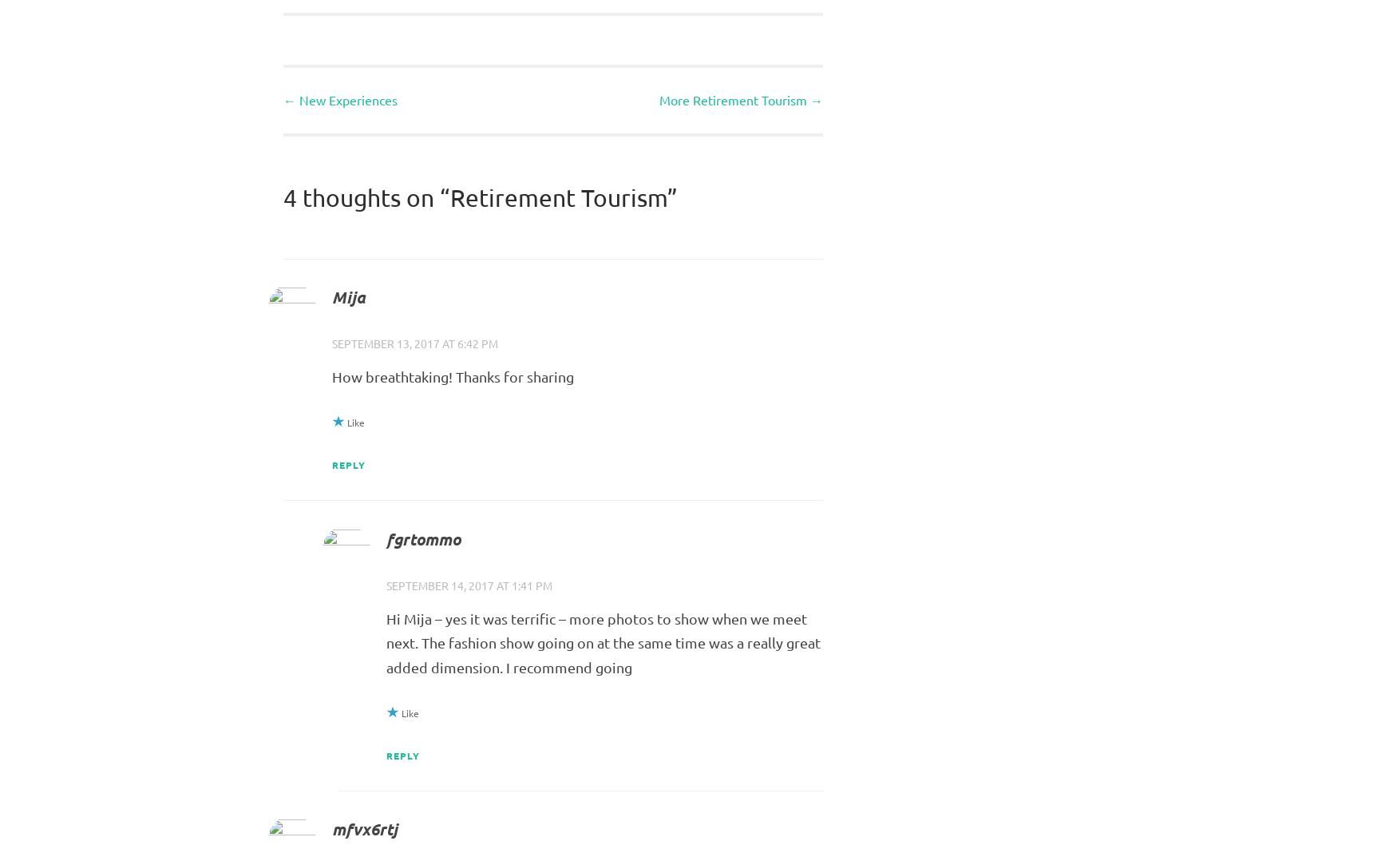  Describe the element at coordinates (421, 538) in the screenshot. I see `'fgrtommo'` at that location.